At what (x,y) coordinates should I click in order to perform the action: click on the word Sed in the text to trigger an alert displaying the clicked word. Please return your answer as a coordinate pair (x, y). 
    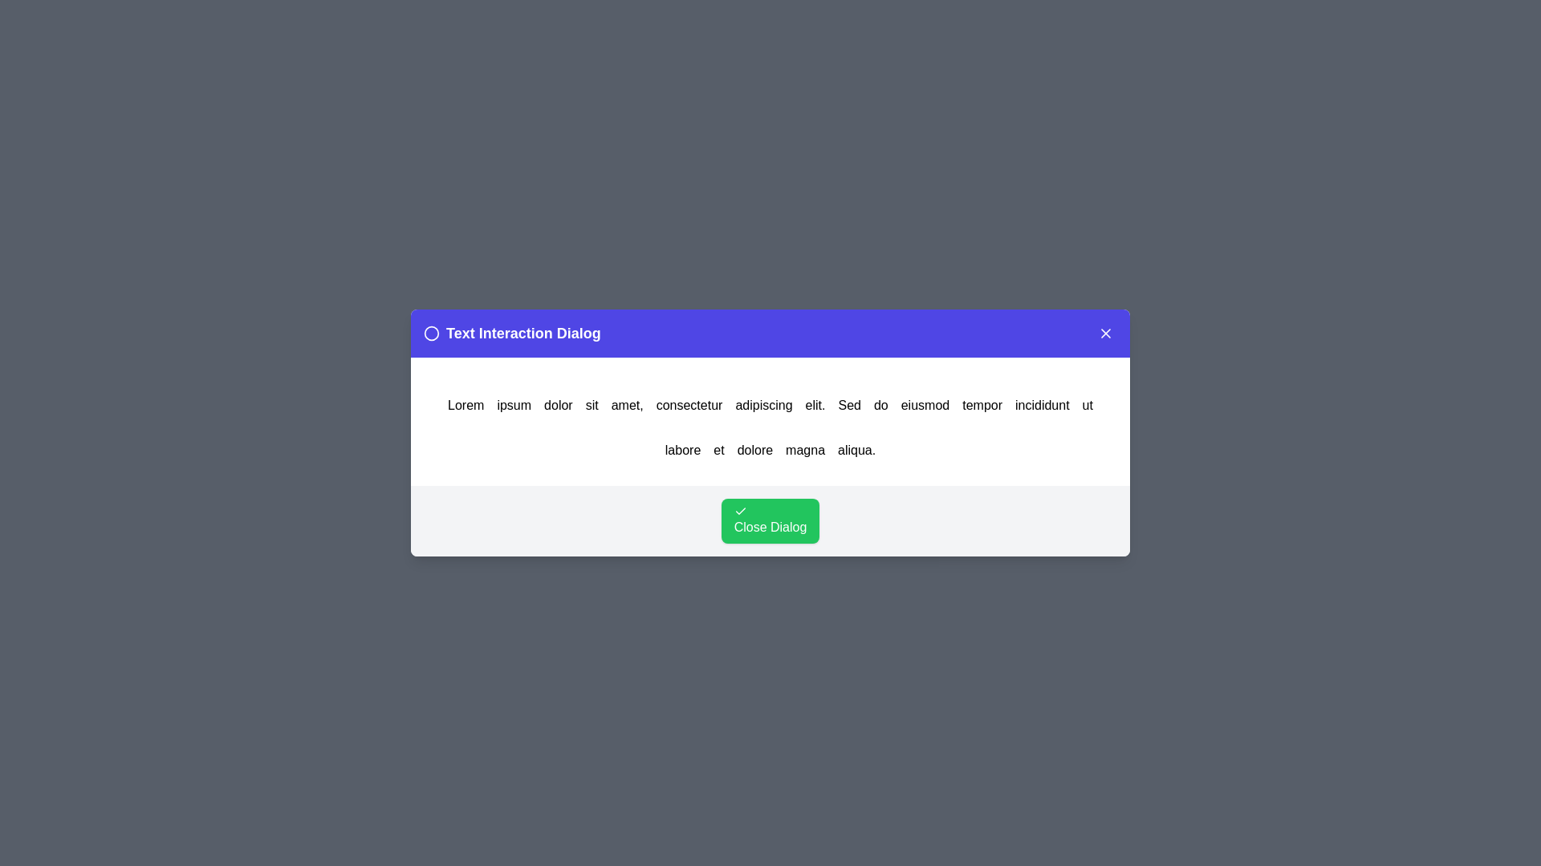
    Looking at the image, I should click on (848, 404).